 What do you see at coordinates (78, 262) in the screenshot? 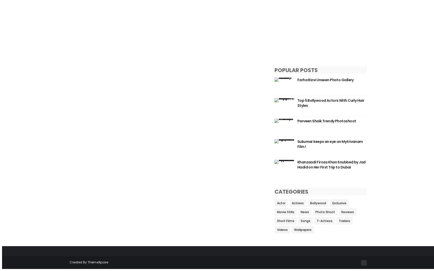
I see `'Created By'` at bounding box center [78, 262].